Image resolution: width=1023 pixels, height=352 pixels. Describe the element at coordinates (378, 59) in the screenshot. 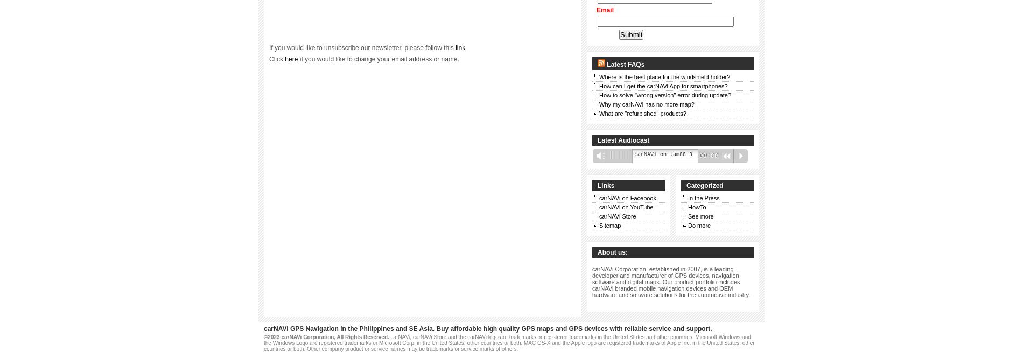

I see `'if you would like to change your email address or name.'` at that location.